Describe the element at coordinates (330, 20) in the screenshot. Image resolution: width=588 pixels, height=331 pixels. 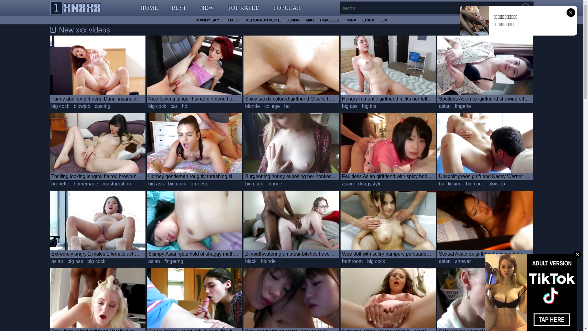
I see `'UMA JOLIE'` at that location.